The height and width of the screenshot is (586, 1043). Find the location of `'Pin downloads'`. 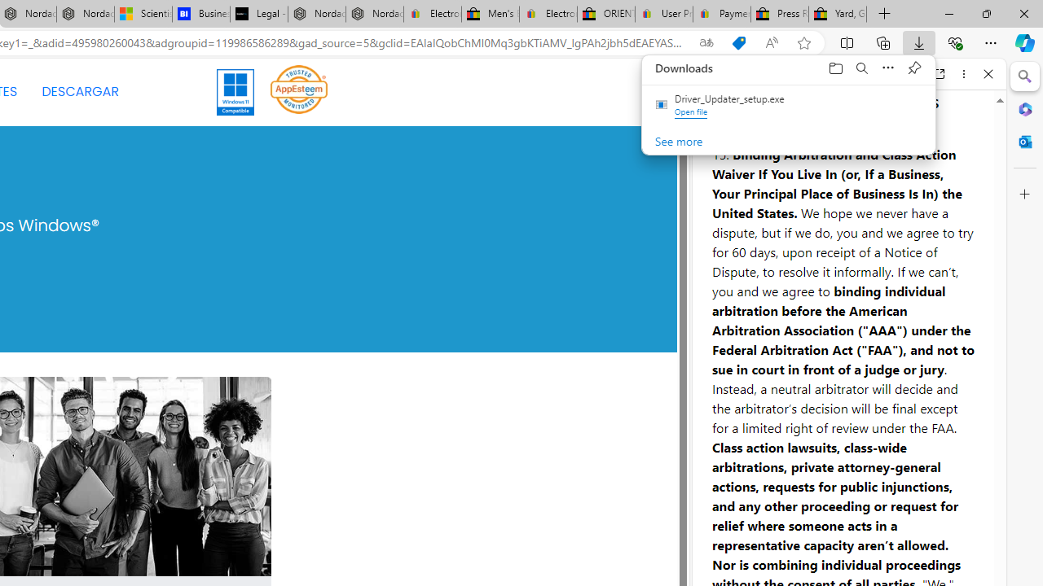

'Pin downloads' is located at coordinates (914, 67).